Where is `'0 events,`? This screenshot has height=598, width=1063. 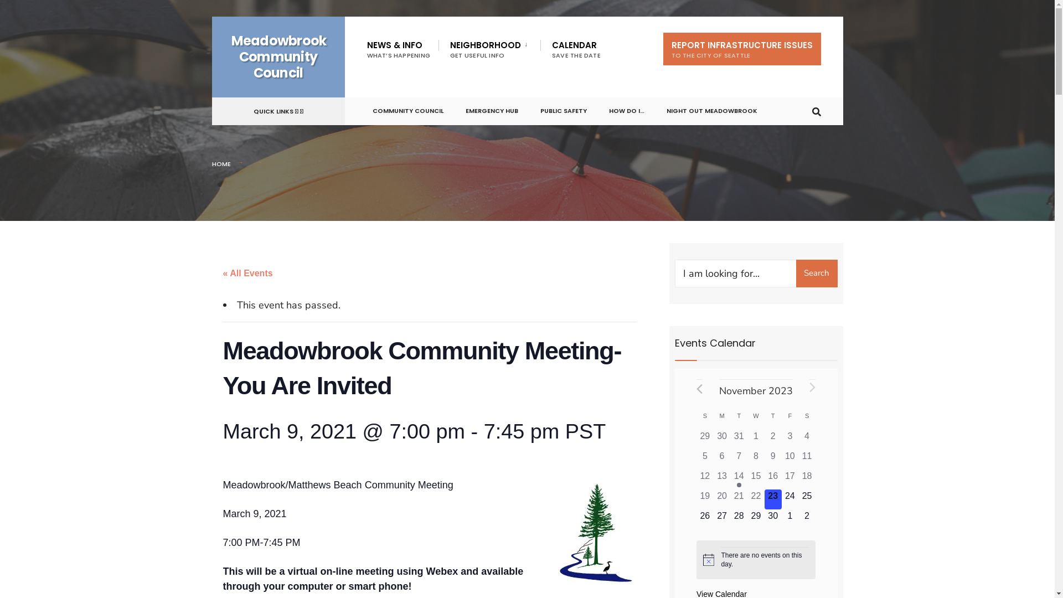 '0 events, is located at coordinates (772, 459).